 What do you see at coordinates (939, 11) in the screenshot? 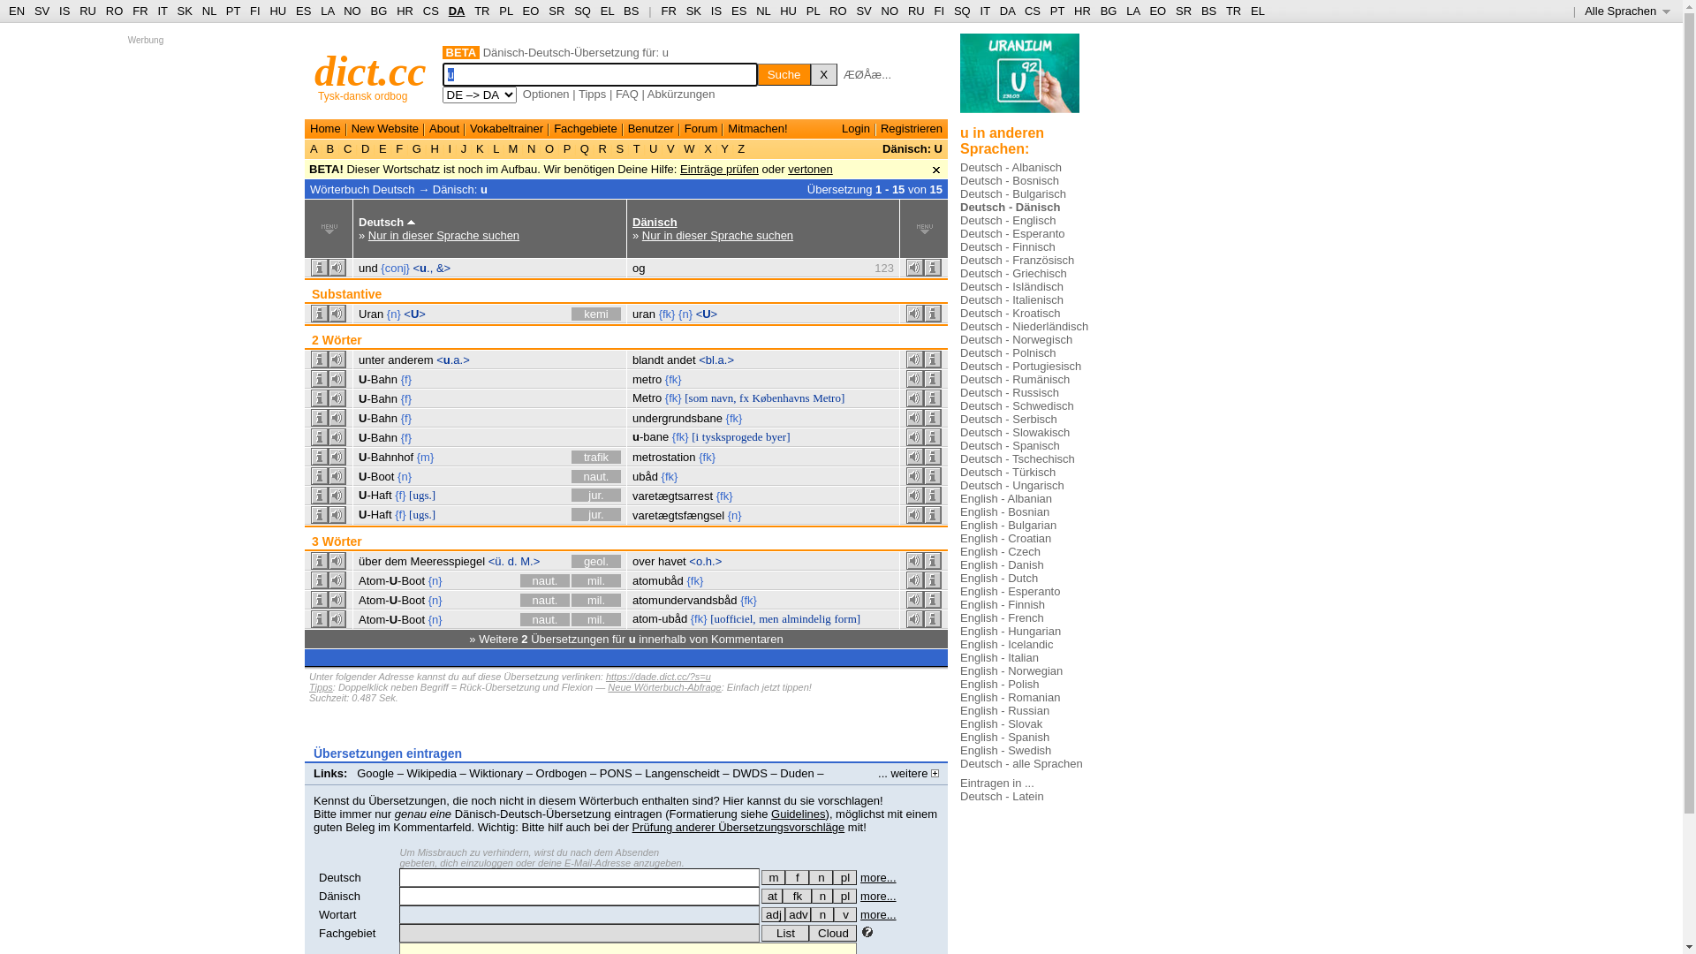
I see `'FI'` at bounding box center [939, 11].